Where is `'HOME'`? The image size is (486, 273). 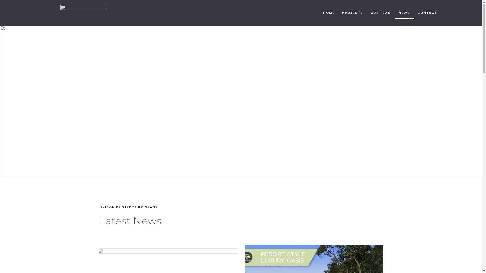
'HOME' is located at coordinates (329, 12).